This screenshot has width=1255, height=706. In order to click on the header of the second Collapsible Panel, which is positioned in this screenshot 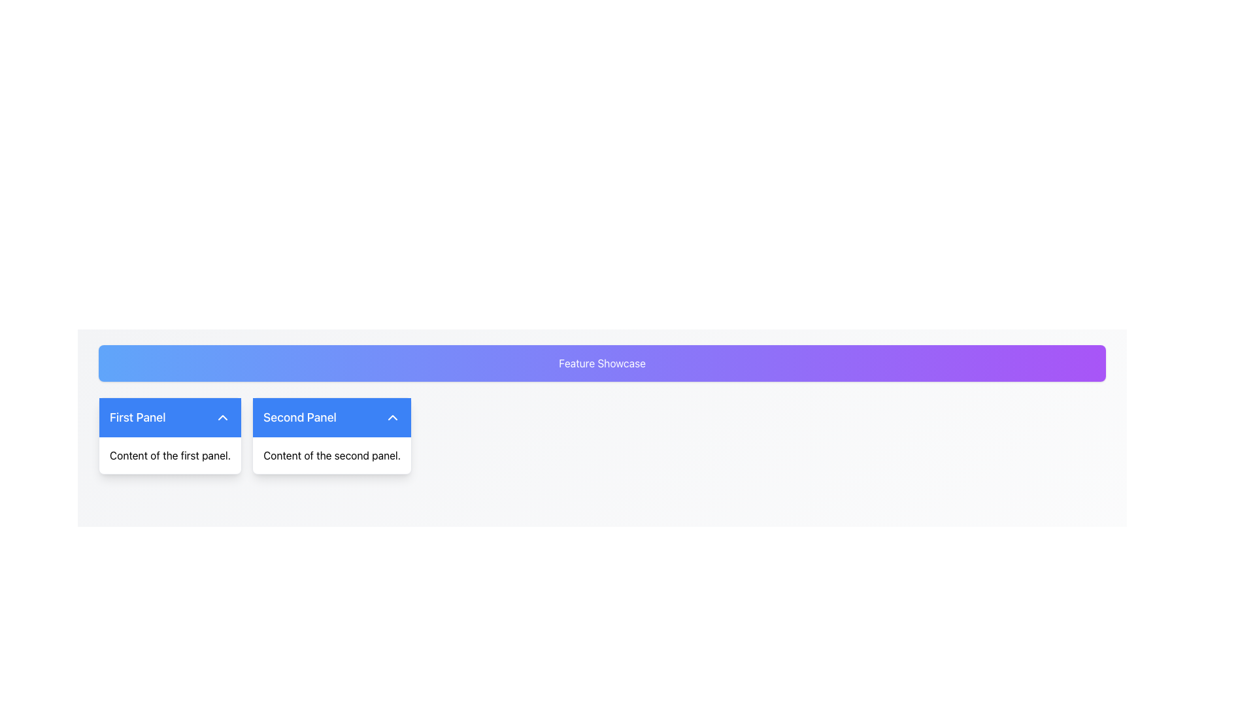, I will do `click(332, 436)`.